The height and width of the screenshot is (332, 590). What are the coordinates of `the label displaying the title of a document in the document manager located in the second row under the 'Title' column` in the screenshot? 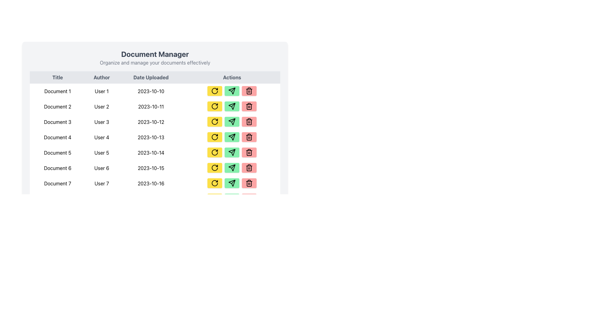 It's located at (57, 106).